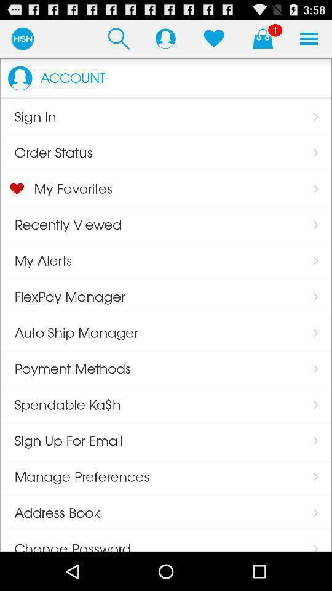  Describe the element at coordinates (60, 224) in the screenshot. I see `the recently viewed icon` at that location.